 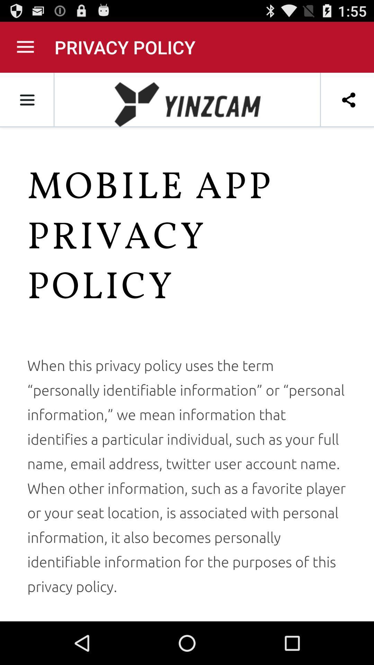 What do you see at coordinates (187, 347) in the screenshot?
I see `advertisement page` at bounding box center [187, 347].